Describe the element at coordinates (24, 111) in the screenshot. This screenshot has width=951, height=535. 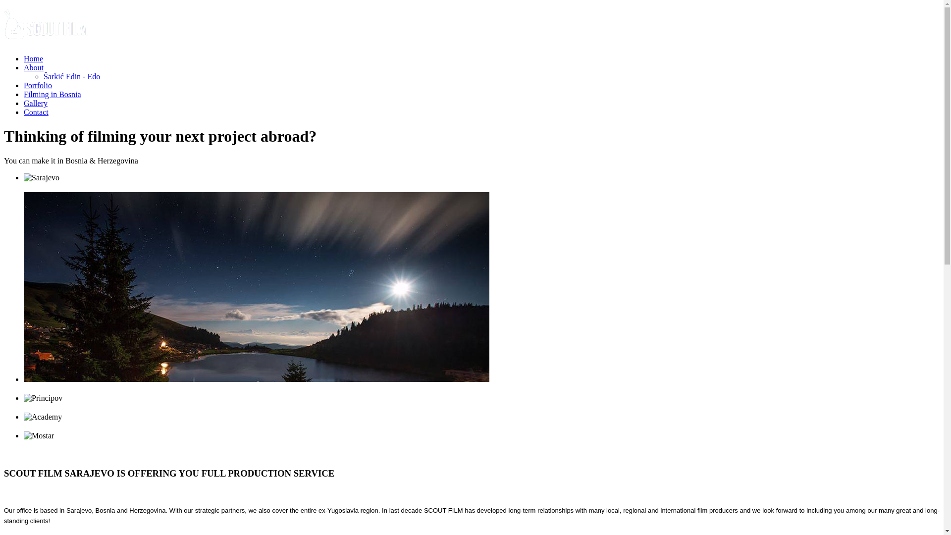
I see `'Contact'` at that location.